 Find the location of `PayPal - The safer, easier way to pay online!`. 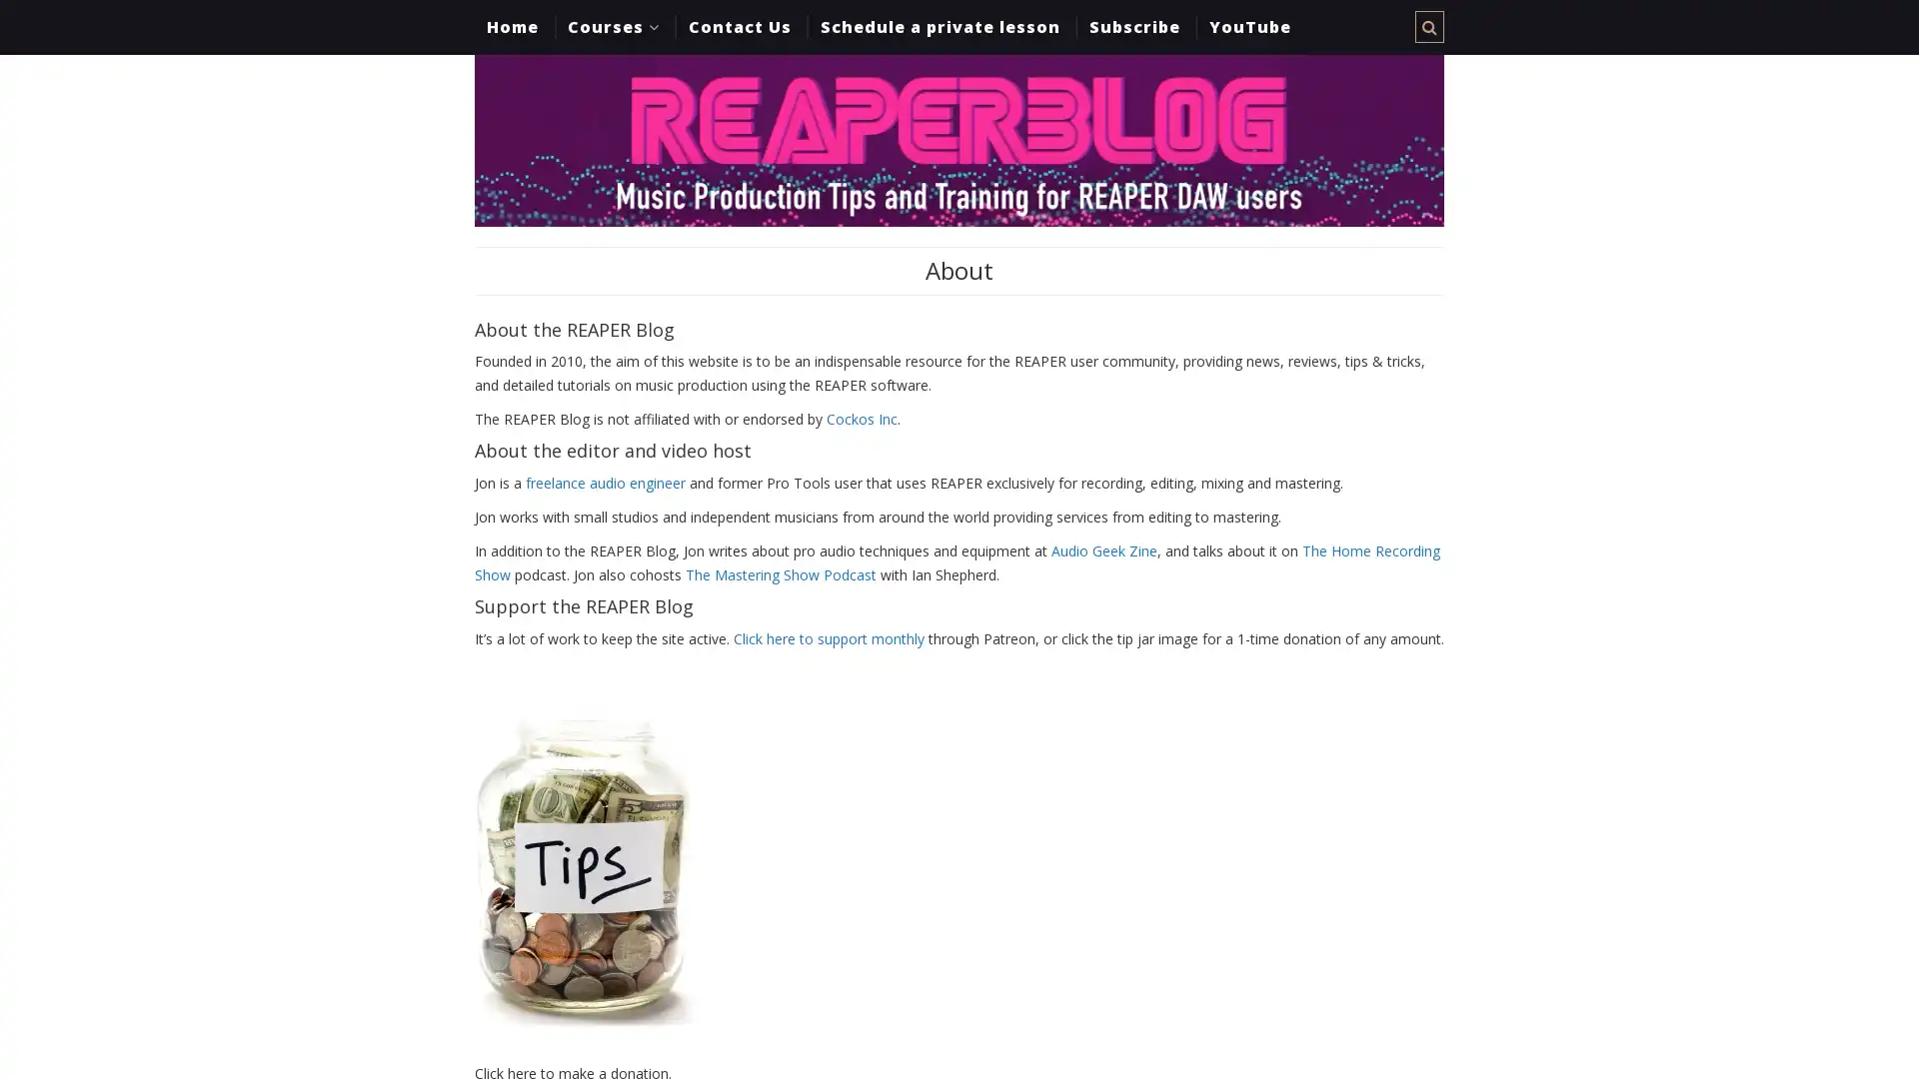

PayPal - The safer, easier way to pay online! is located at coordinates (583, 869).